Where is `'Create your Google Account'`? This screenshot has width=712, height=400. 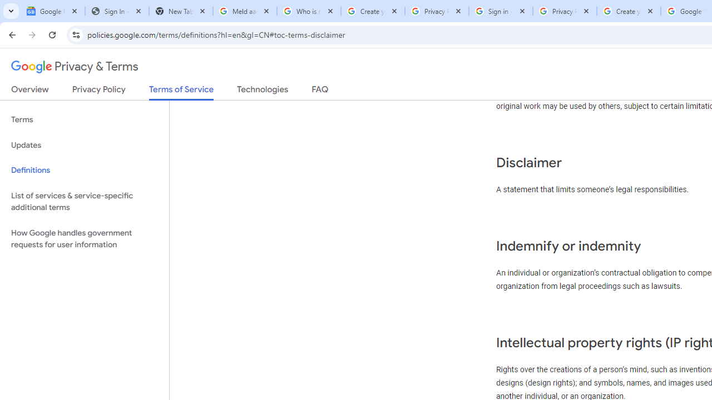 'Create your Google Account' is located at coordinates (629, 11).